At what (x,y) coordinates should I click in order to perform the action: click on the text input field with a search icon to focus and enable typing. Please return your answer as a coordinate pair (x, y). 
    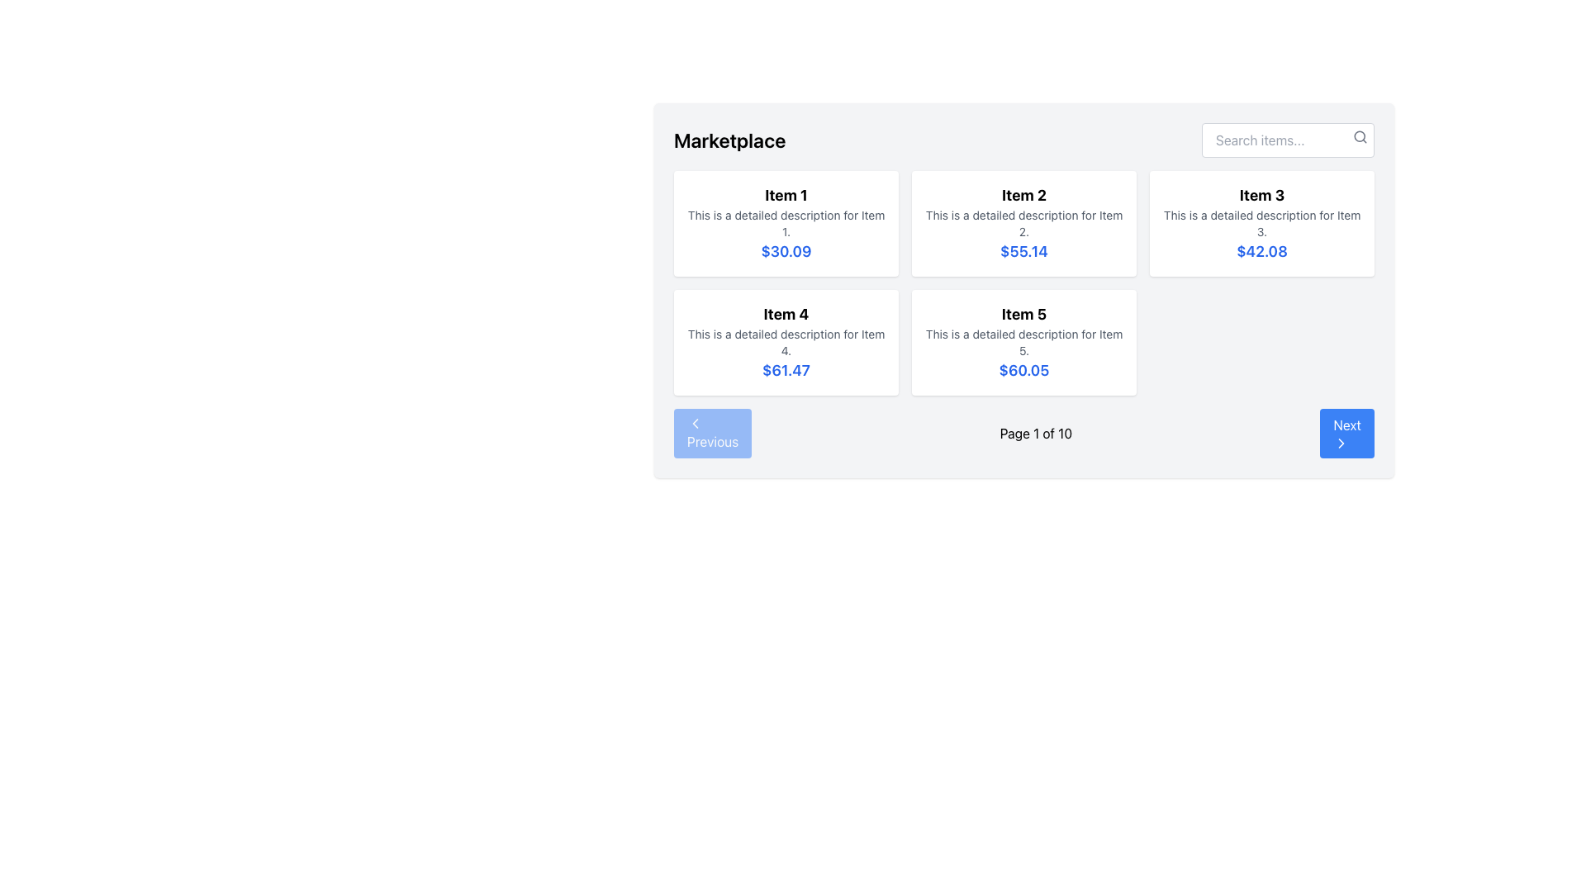
    Looking at the image, I should click on (1287, 139).